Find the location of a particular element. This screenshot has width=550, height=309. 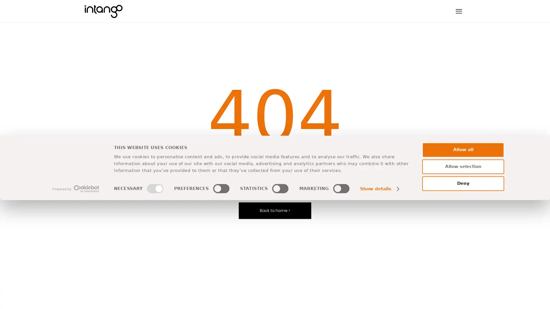

SUBSCRIBE is located at coordinates (308, 228).